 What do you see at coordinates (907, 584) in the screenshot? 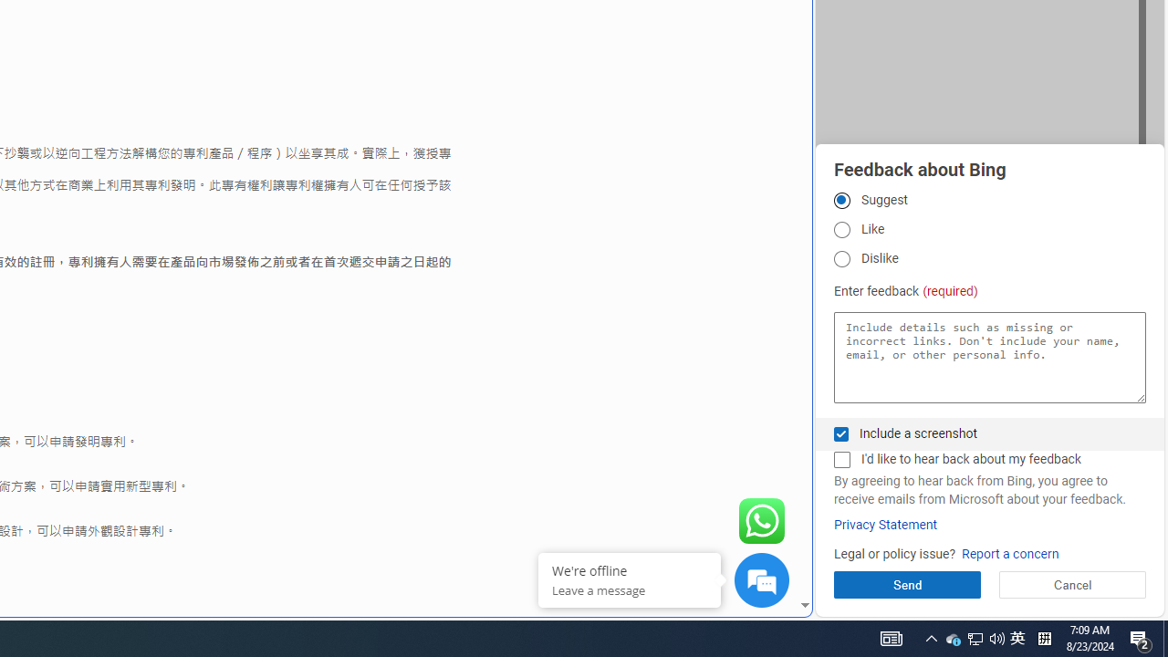
I see `'Send'` at bounding box center [907, 584].